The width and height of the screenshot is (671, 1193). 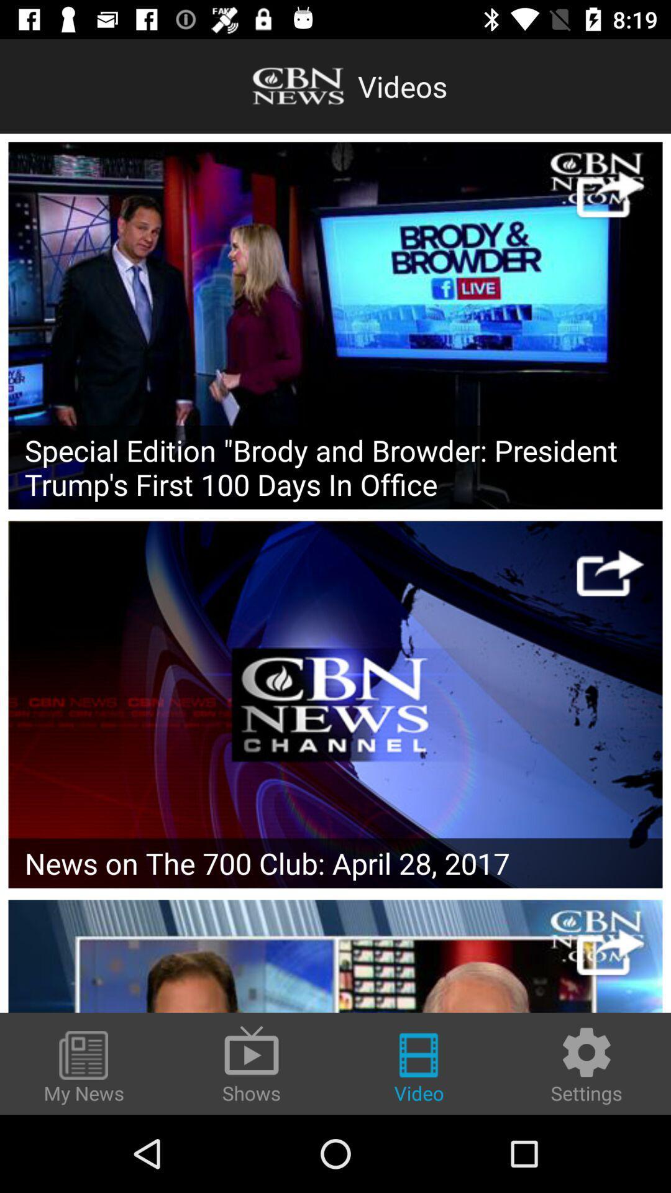 What do you see at coordinates (252, 1063) in the screenshot?
I see `the icon next to video item` at bounding box center [252, 1063].